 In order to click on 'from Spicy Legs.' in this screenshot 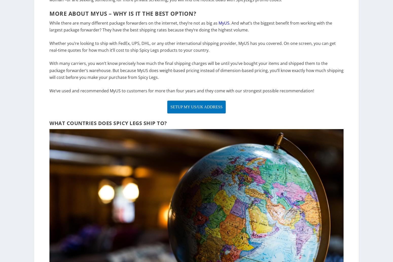, I will do `click(142, 80)`.